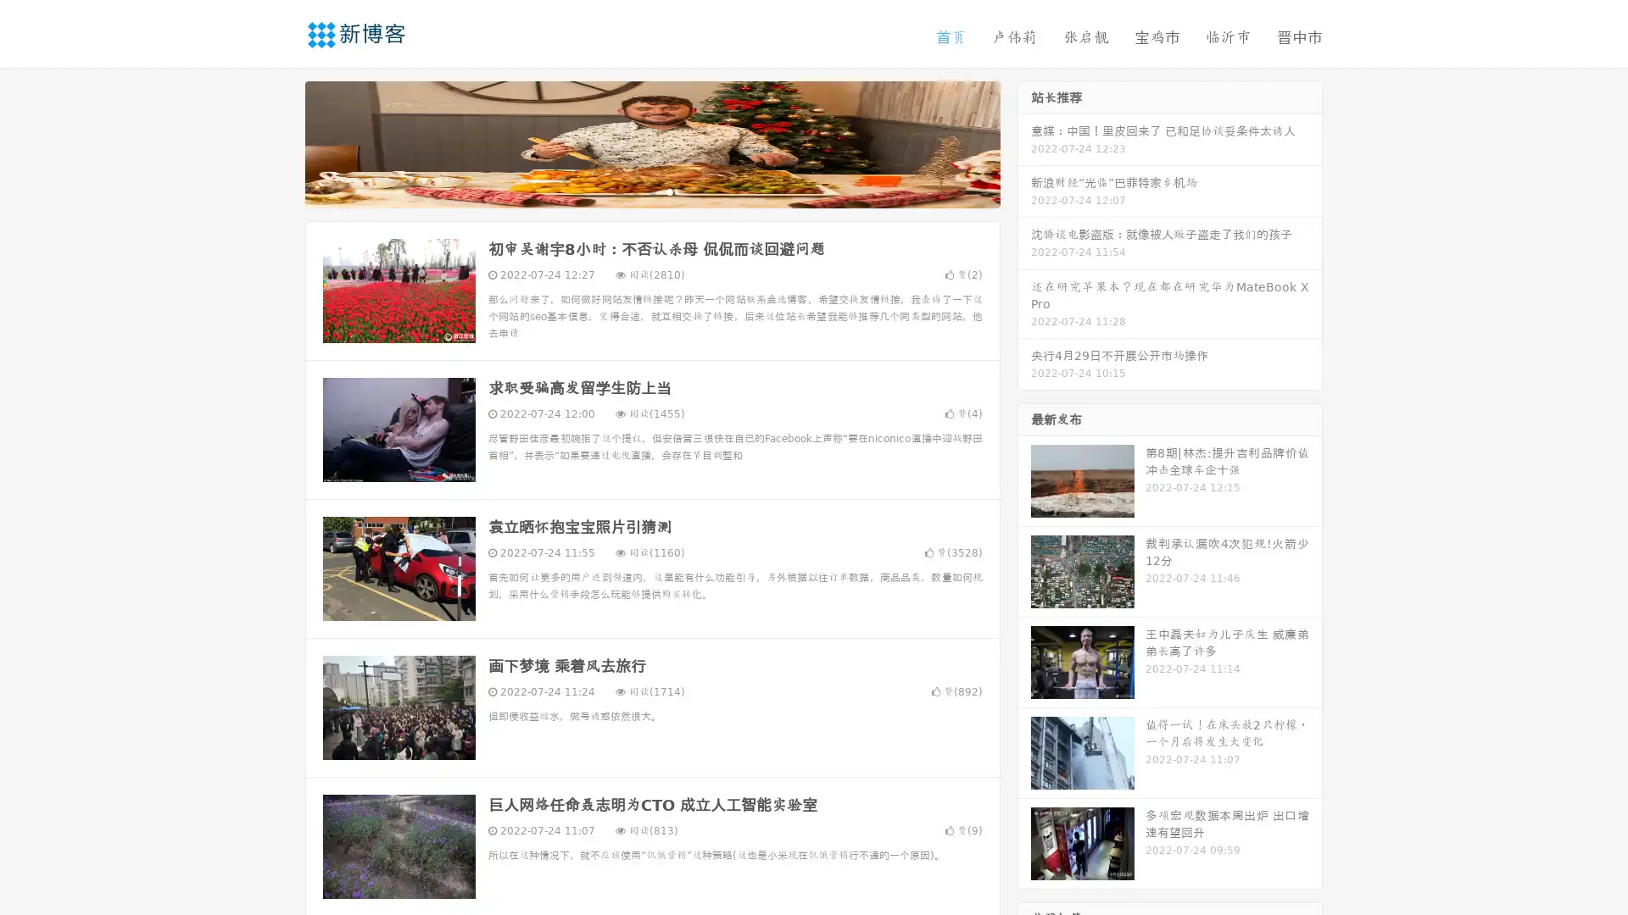 This screenshot has height=915, width=1628. What do you see at coordinates (669, 191) in the screenshot?
I see `Go to slide 3` at bounding box center [669, 191].